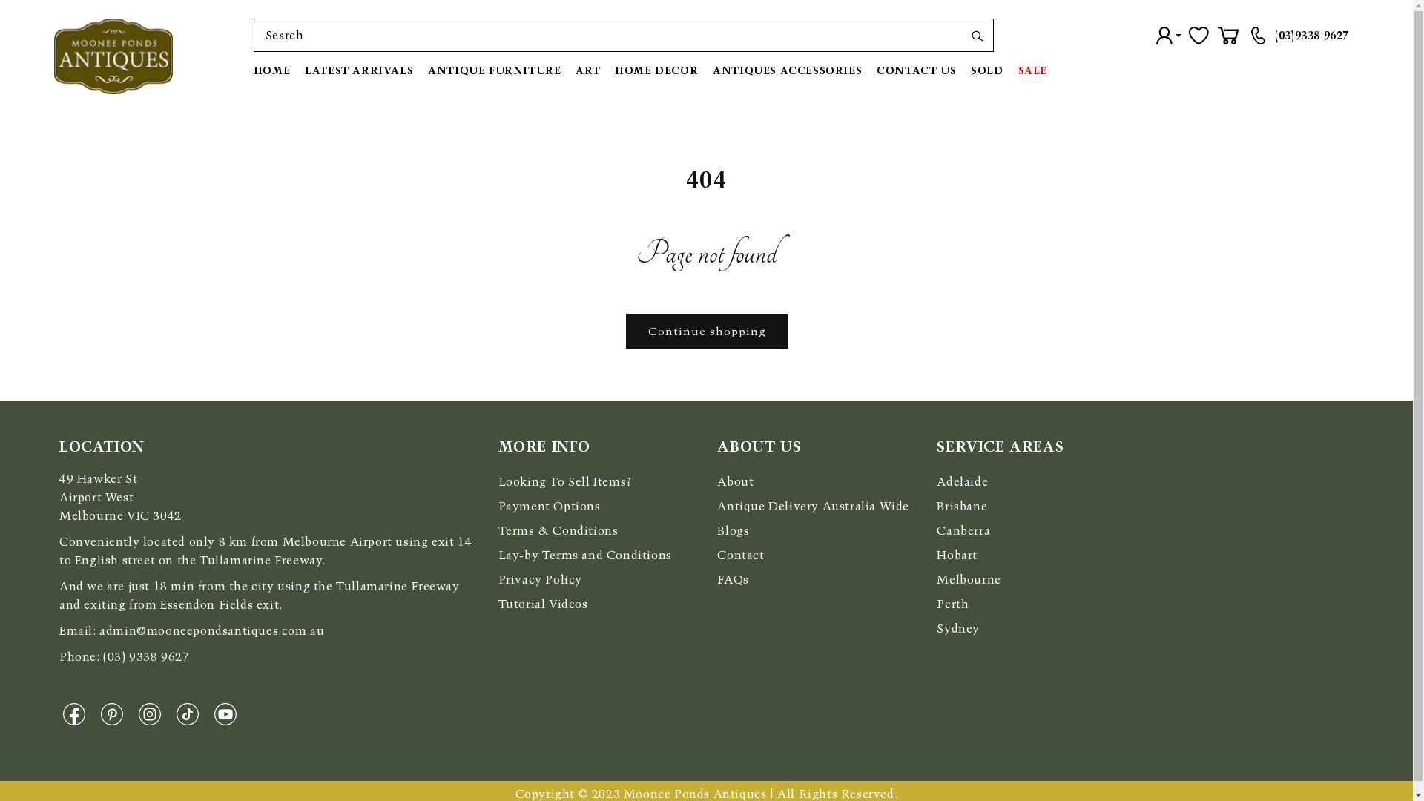 This screenshot has height=801, width=1424. What do you see at coordinates (120, 497) in the screenshot?
I see `'49 Hawker St` at bounding box center [120, 497].